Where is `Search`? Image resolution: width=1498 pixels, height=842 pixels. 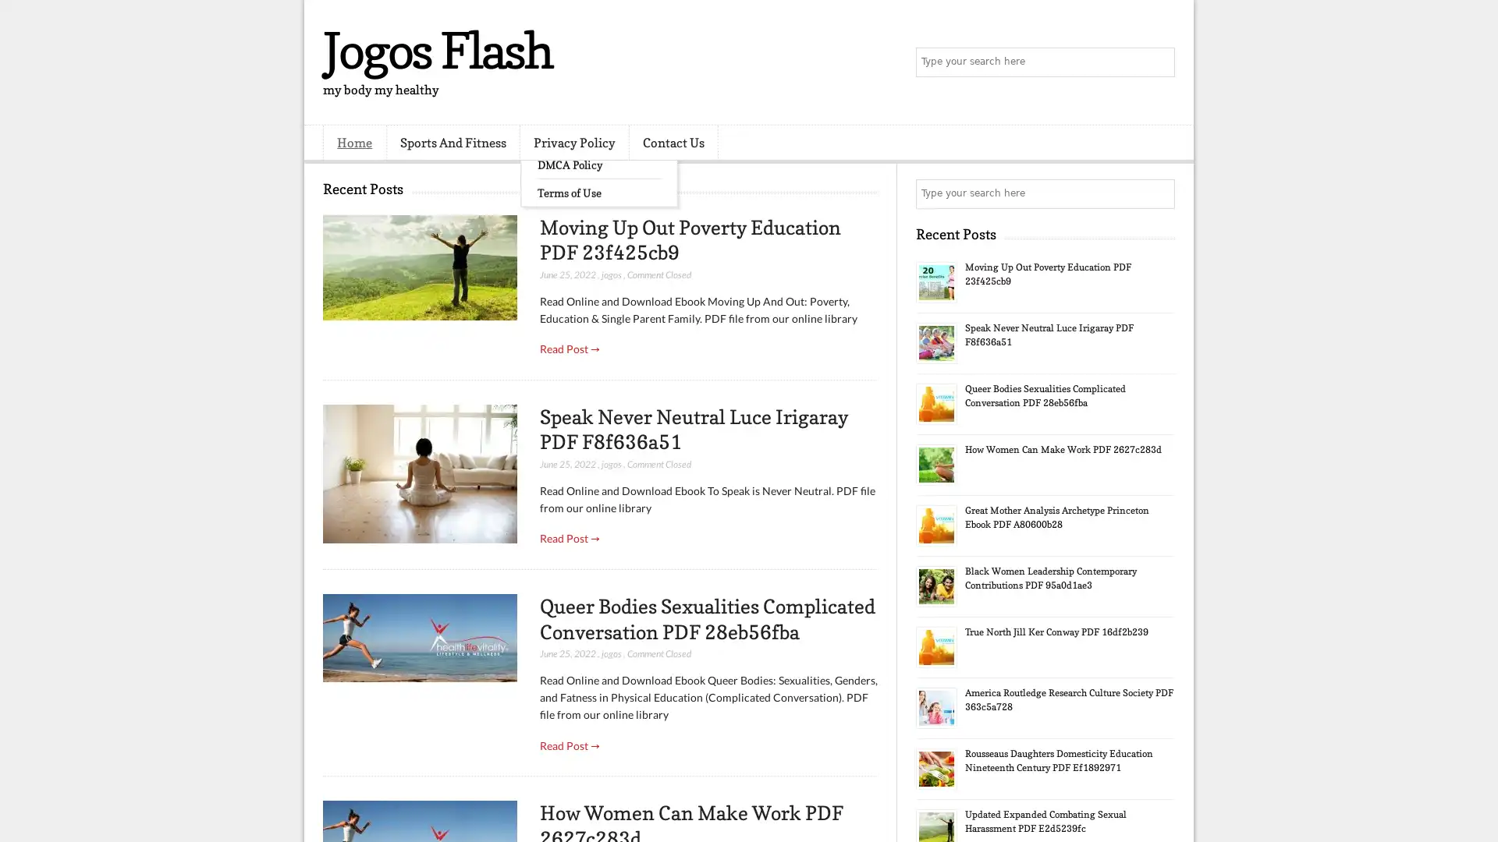
Search is located at coordinates (1159, 193).